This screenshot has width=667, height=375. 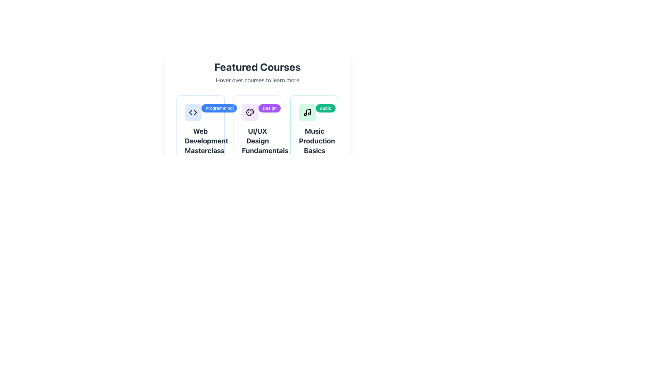 I want to click on the Info card showcasing the 'UI/UX Design Fundamentals' course, which is the second card in the 'Featured Courses' section, so click(x=257, y=147).